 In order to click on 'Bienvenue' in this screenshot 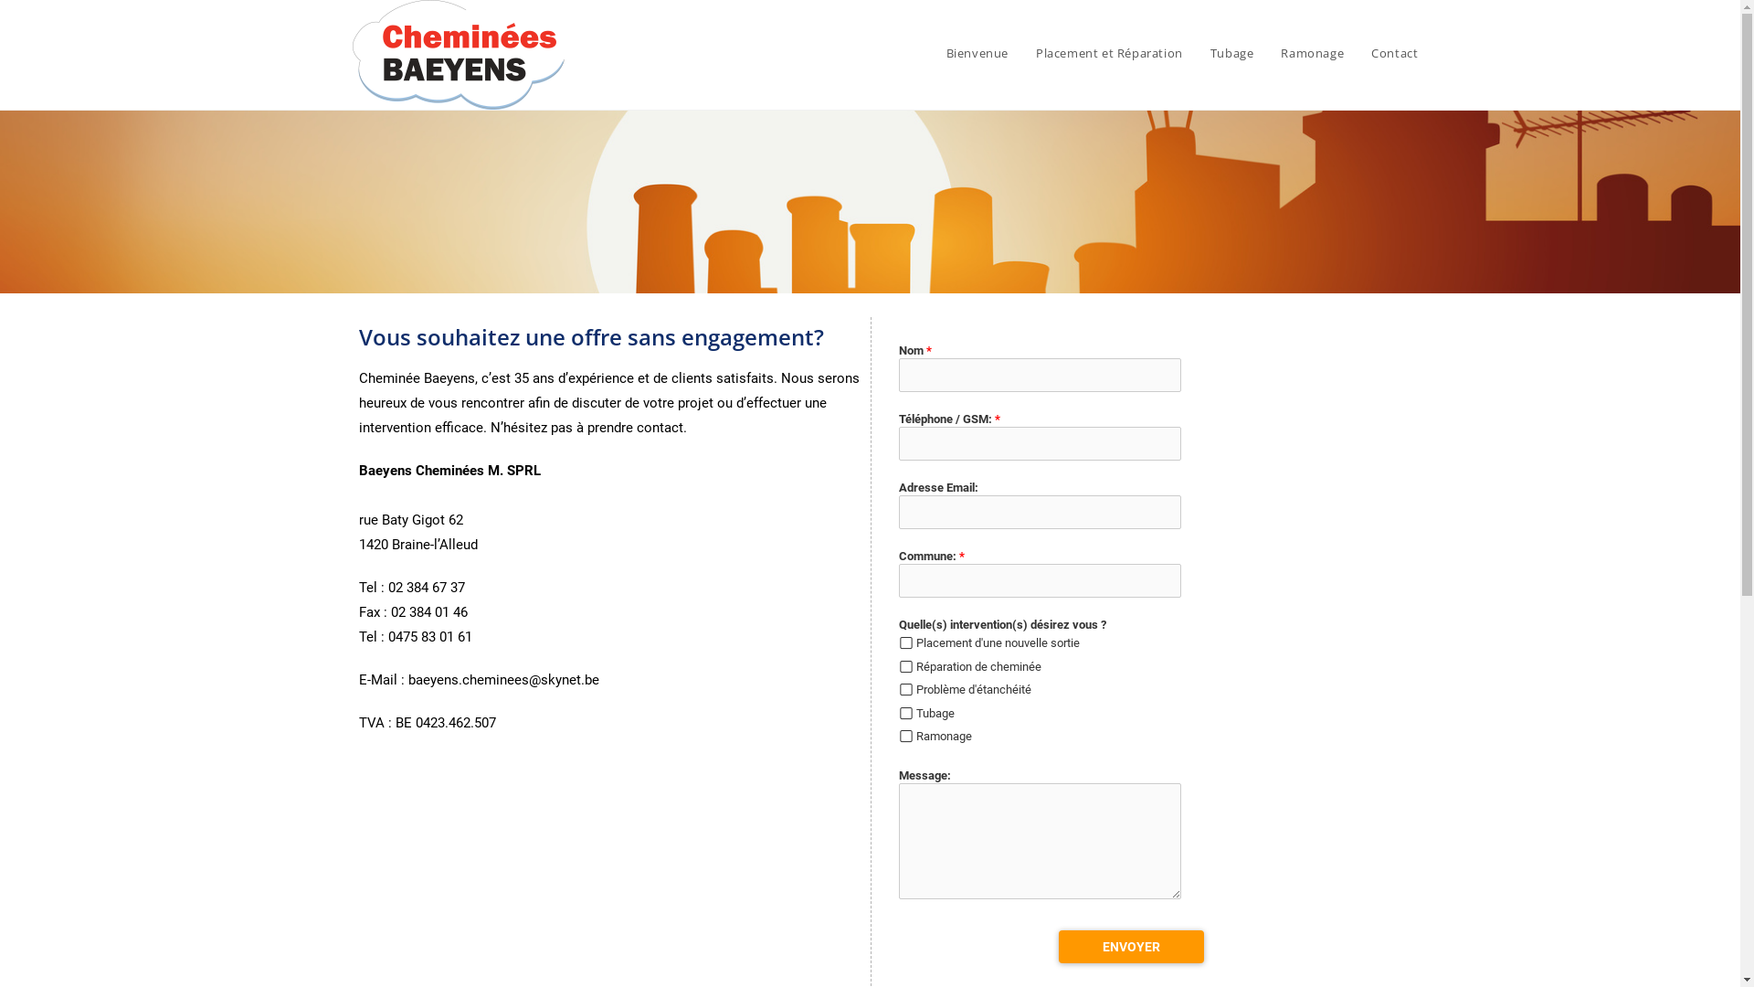, I will do `click(933, 51)`.